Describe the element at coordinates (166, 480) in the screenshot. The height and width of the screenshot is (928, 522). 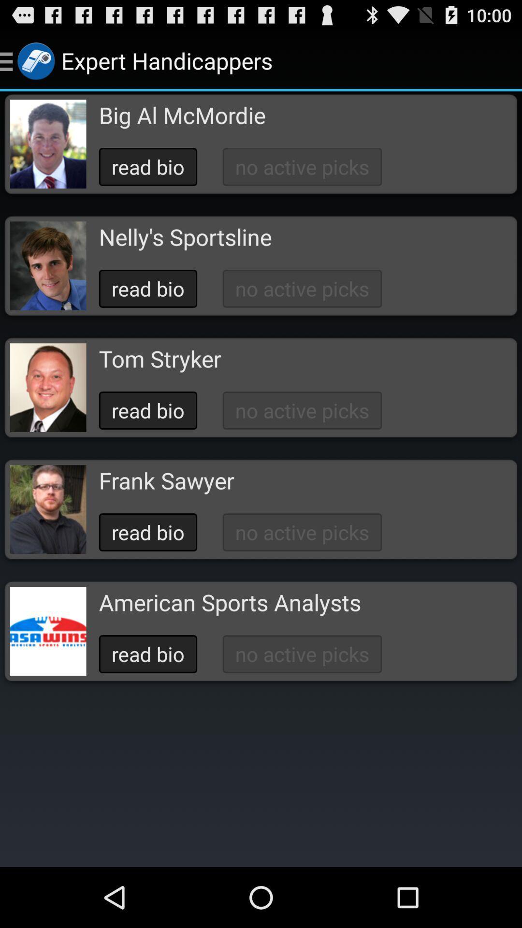
I see `the frank sawyer` at that location.